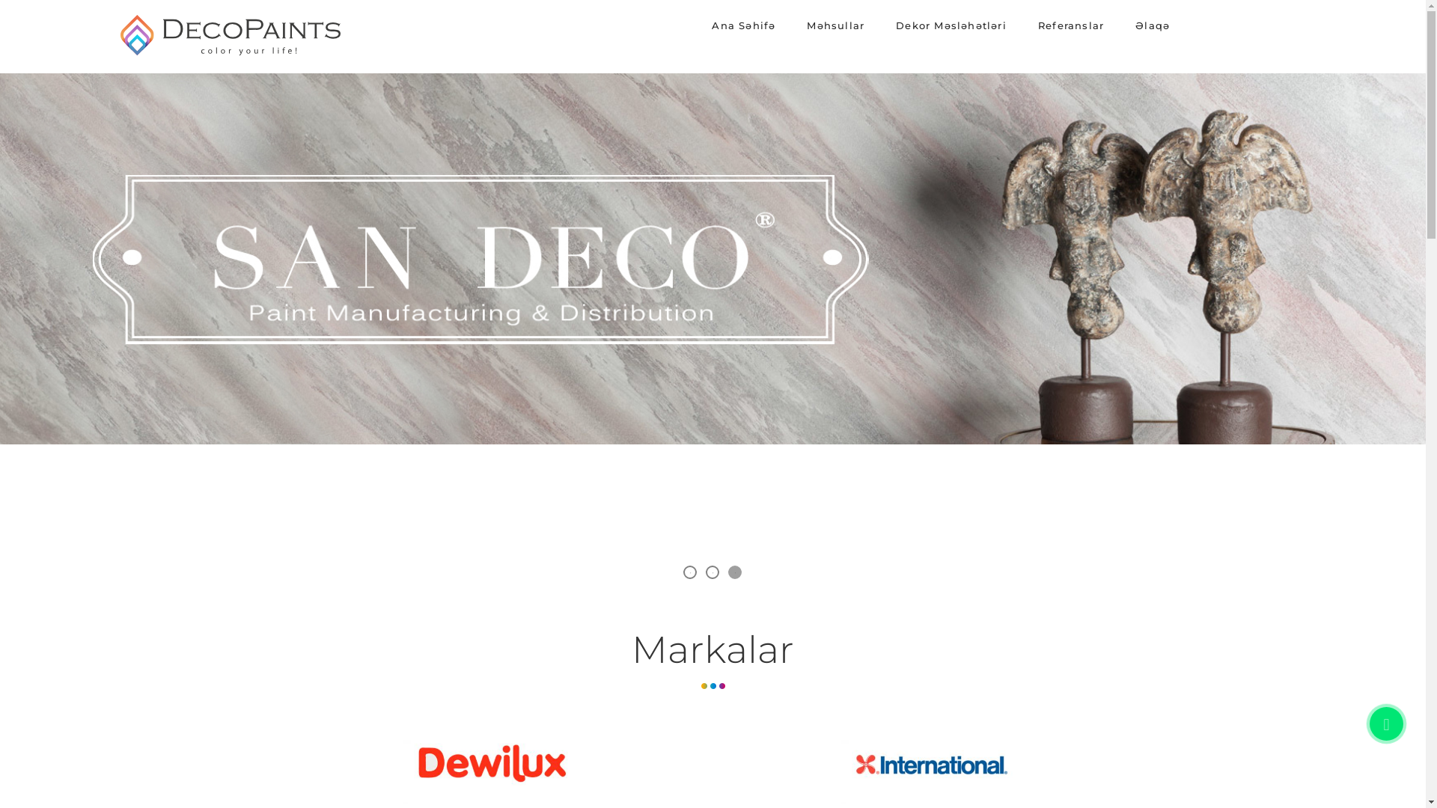 The width and height of the screenshot is (1437, 808). What do you see at coordinates (710, 572) in the screenshot?
I see `'2'` at bounding box center [710, 572].